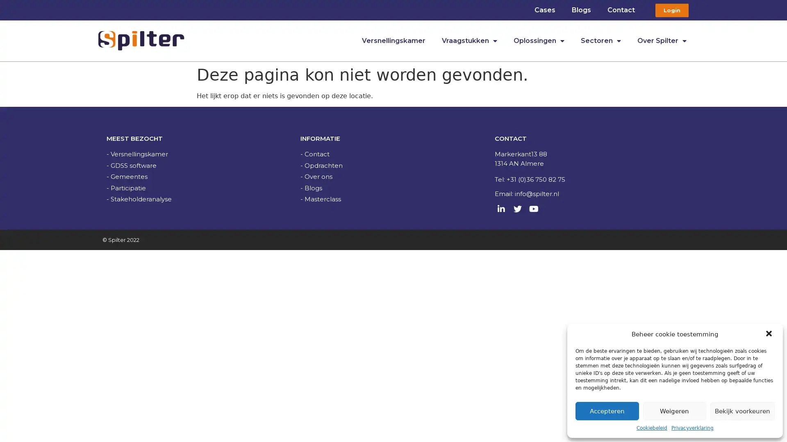  Describe the element at coordinates (742, 411) in the screenshot. I see `Bekijk voorkeuren` at that location.